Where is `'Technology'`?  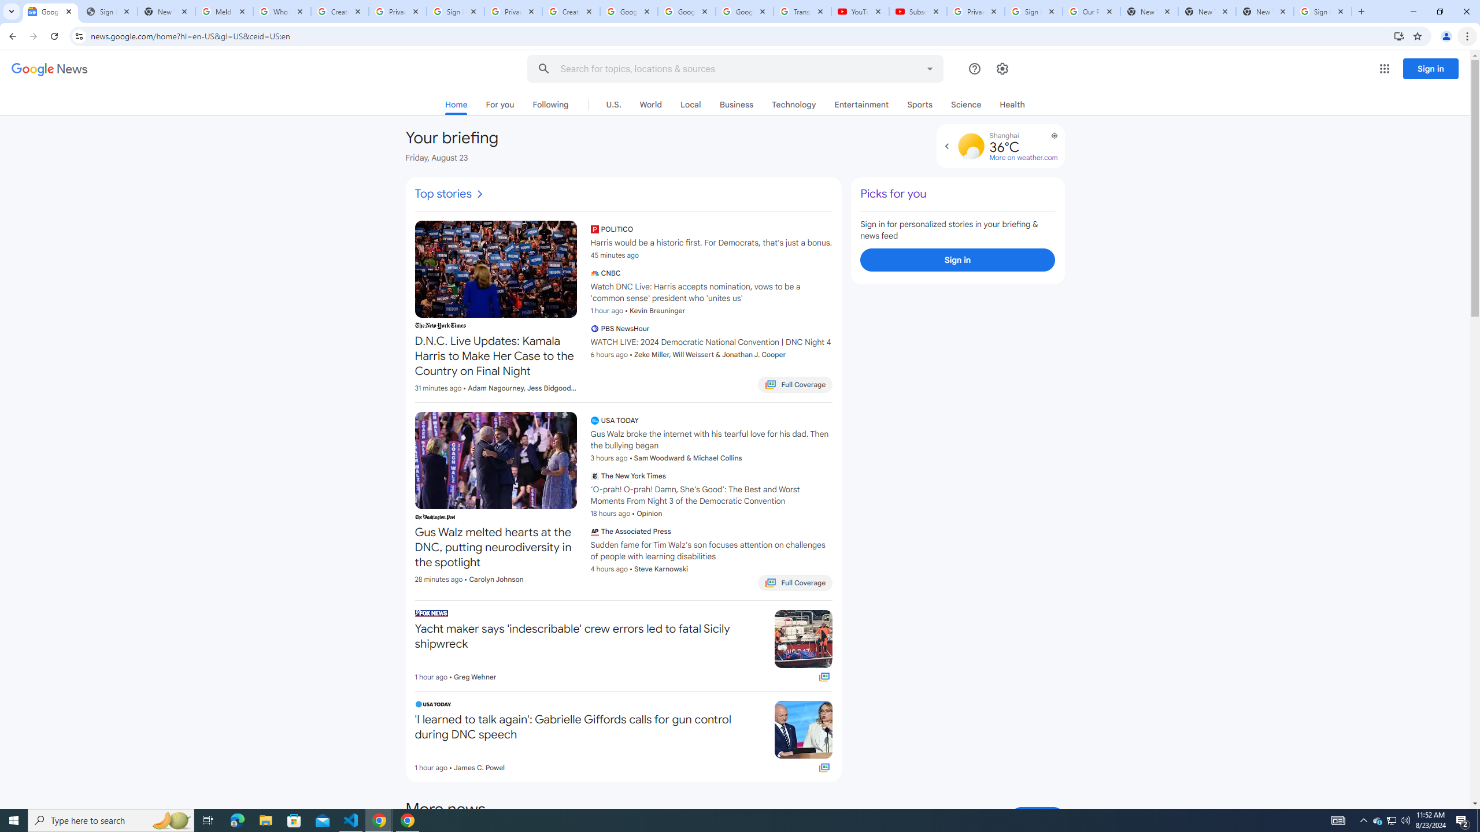
'Technology' is located at coordinates (794, 104).